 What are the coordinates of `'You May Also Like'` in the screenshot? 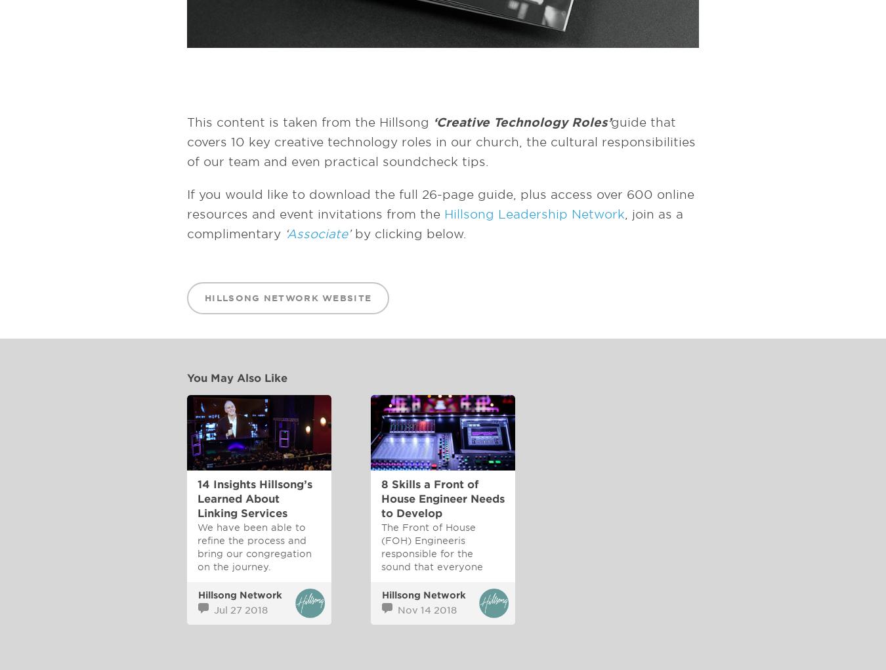 It's located at (237, 377).